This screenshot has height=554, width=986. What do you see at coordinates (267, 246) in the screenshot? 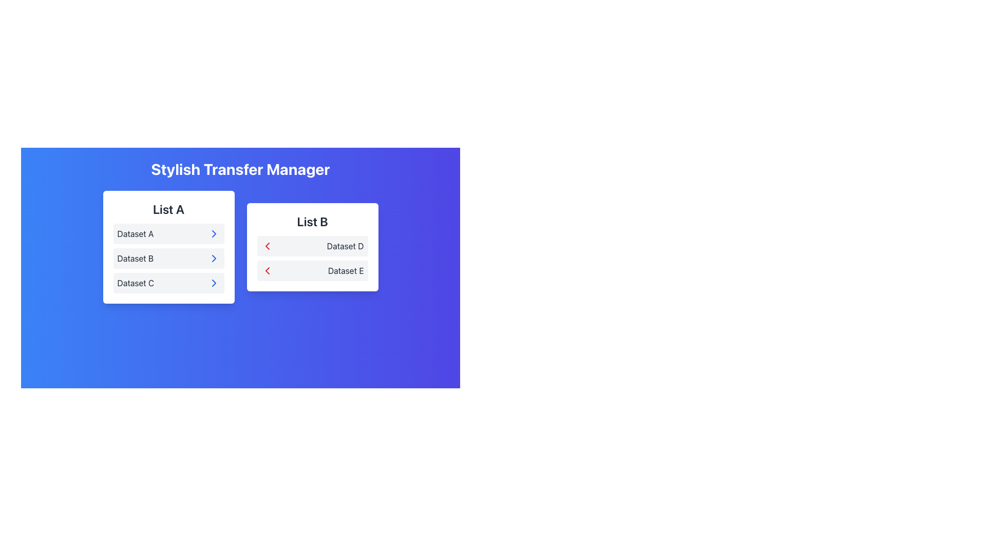
I see `the leftward pointing chevron arrow icon located inside the 'List B' box, adjacent to 'Dataset E'` at bounding box center [267, 246].